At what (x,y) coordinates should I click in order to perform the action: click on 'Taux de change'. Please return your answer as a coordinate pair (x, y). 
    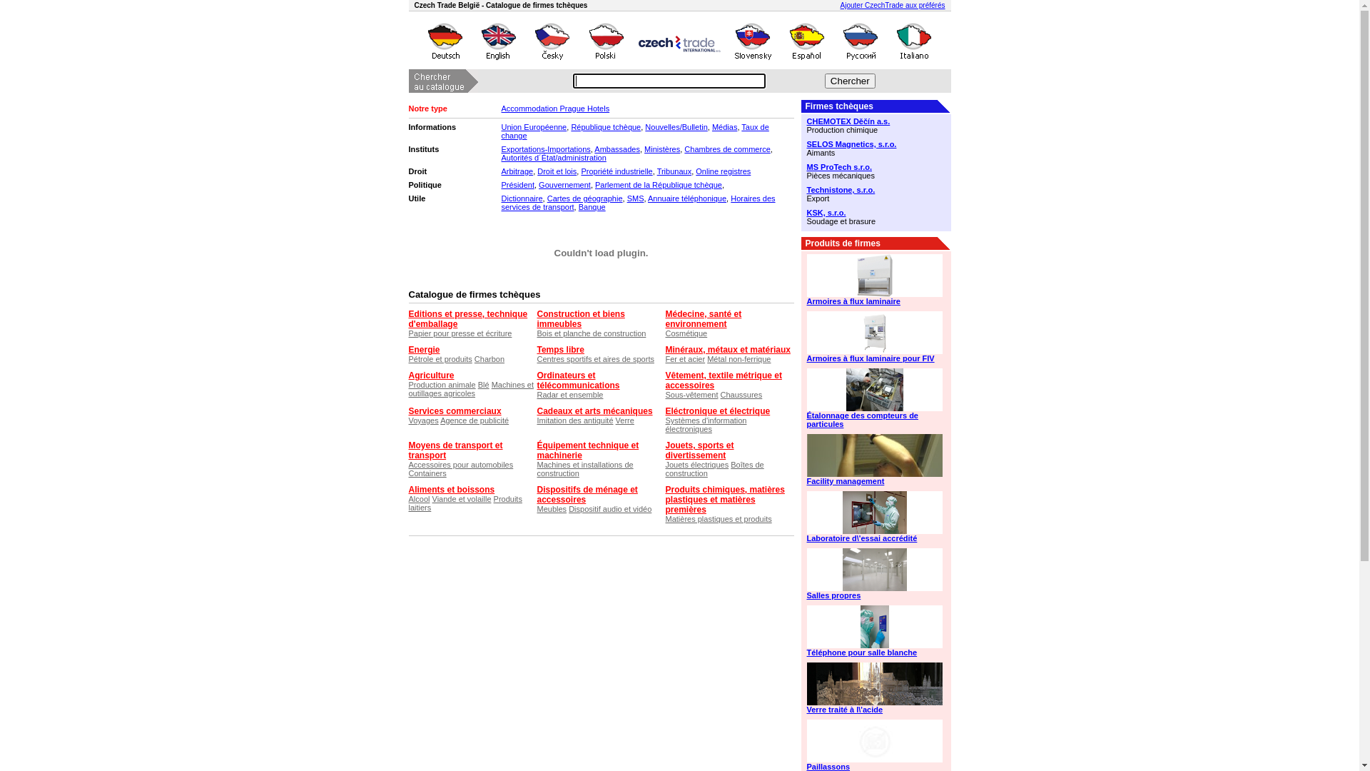
    Looking at the image, I should click on (634, 131).